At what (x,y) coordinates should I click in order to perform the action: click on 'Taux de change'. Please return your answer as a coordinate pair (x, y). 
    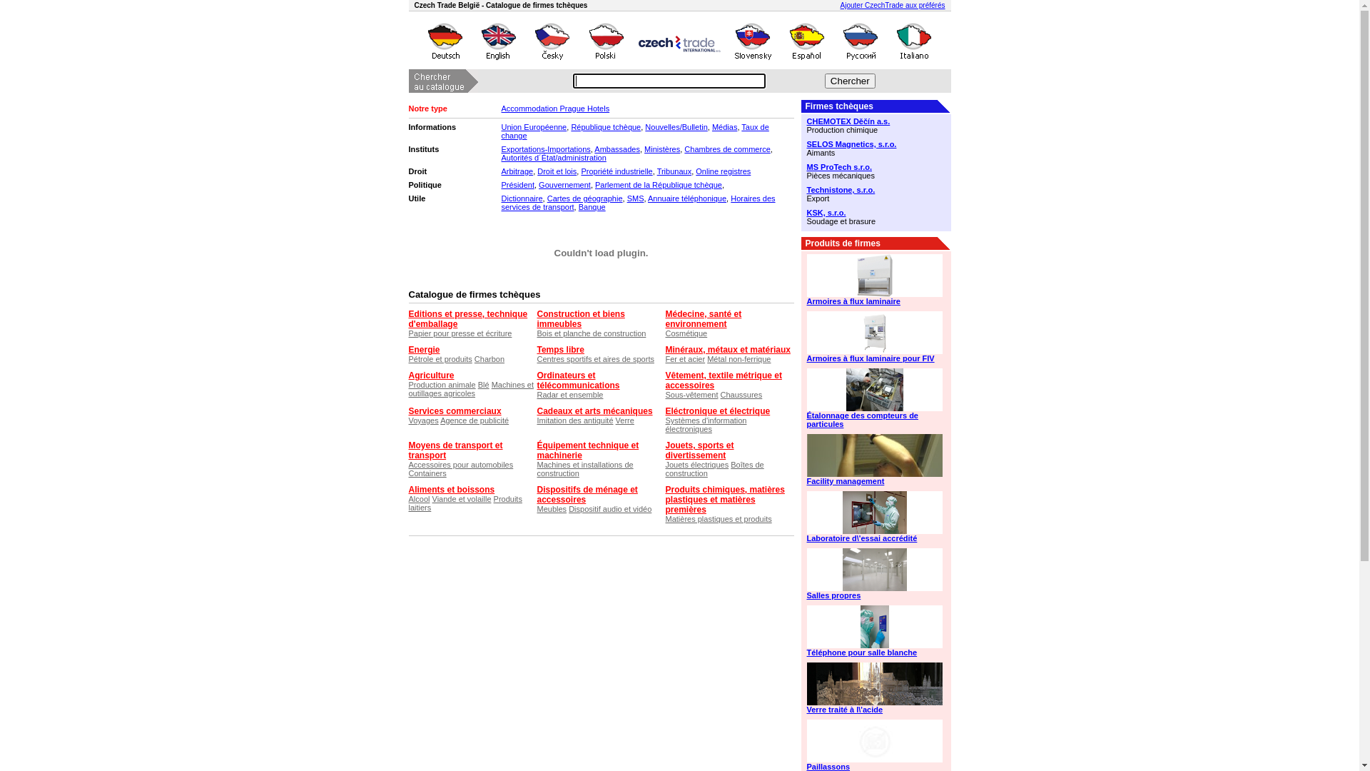
    Looking at the image, I should click on (634, 131).